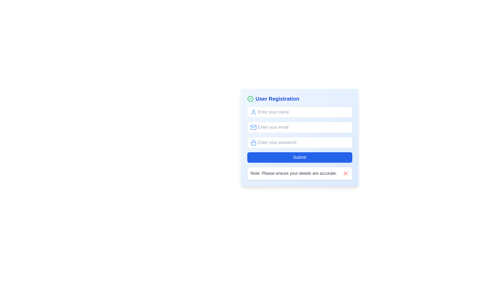  Describe the element at coordinates (250, 99) in the screenshot. I see `circular SVG element with a green border, which serves as an icon next to the 'User Registration' heading` at that location.